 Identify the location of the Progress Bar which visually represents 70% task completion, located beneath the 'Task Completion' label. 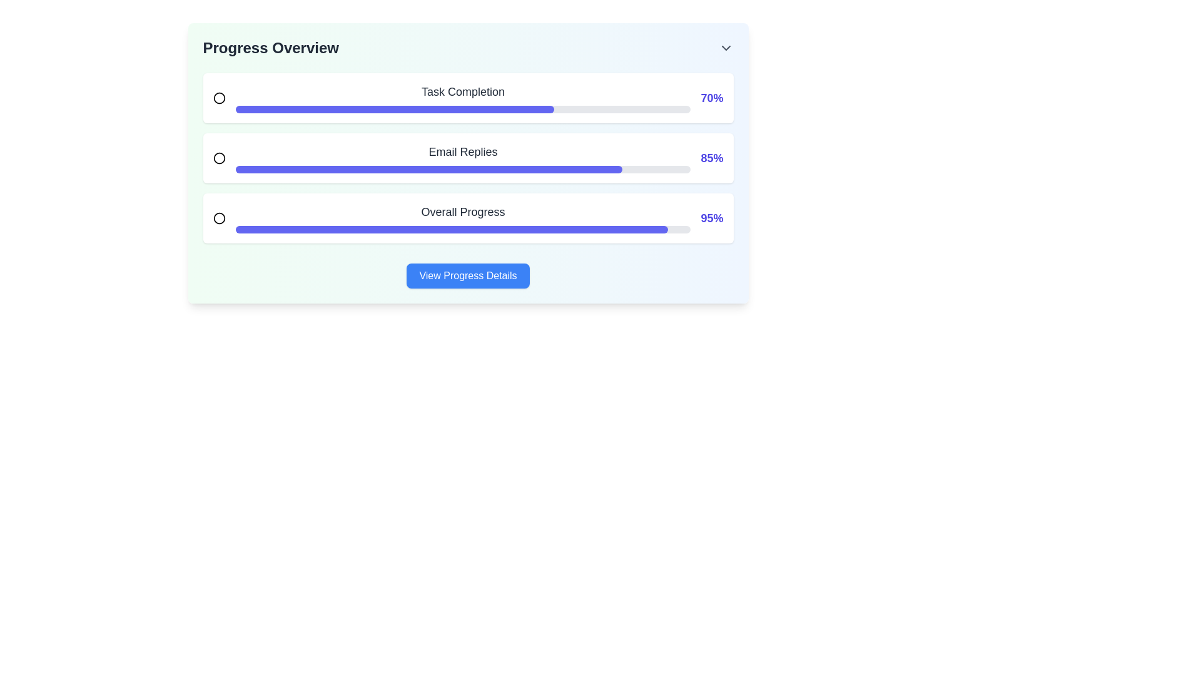
(462, 108).